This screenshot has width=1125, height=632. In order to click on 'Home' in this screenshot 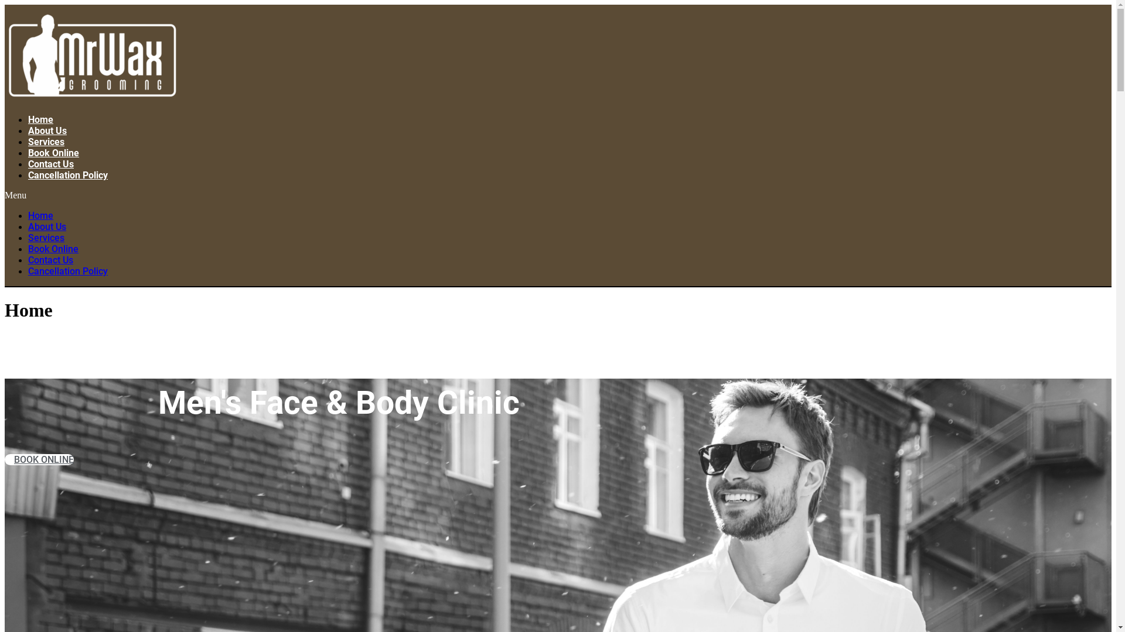, I will do `click(28, 215)`.